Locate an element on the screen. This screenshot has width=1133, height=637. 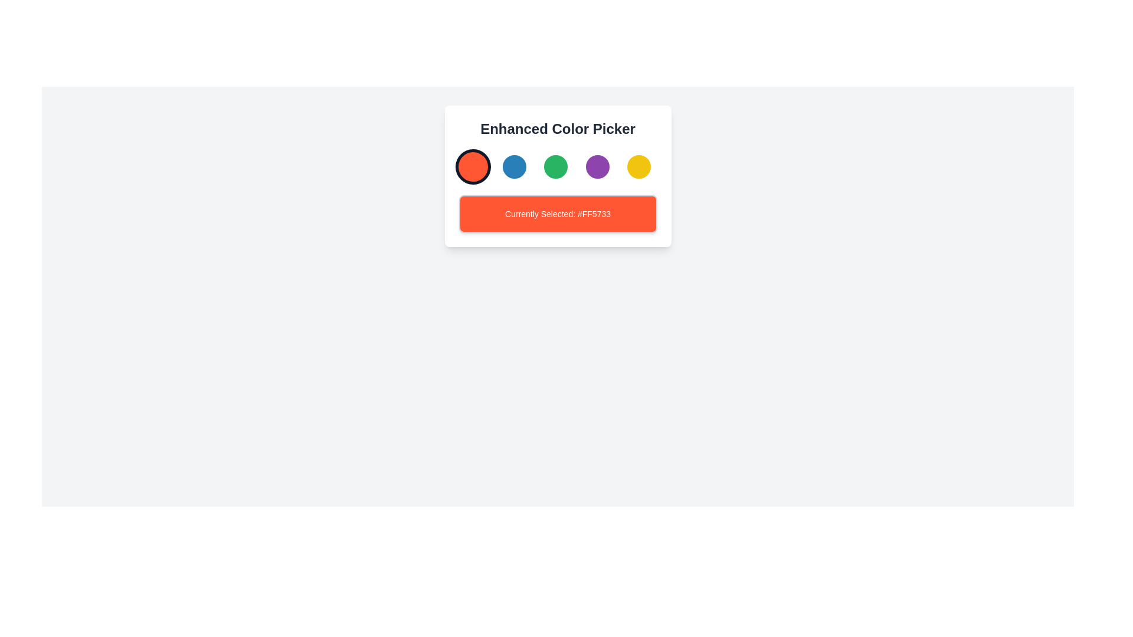
text content of the Text Label displaying 'Currently Selected: #FF5733', which is styled with white text on a small orange background, located at the bottom section of a rectangular card interface is located at coordinates (557, 214).